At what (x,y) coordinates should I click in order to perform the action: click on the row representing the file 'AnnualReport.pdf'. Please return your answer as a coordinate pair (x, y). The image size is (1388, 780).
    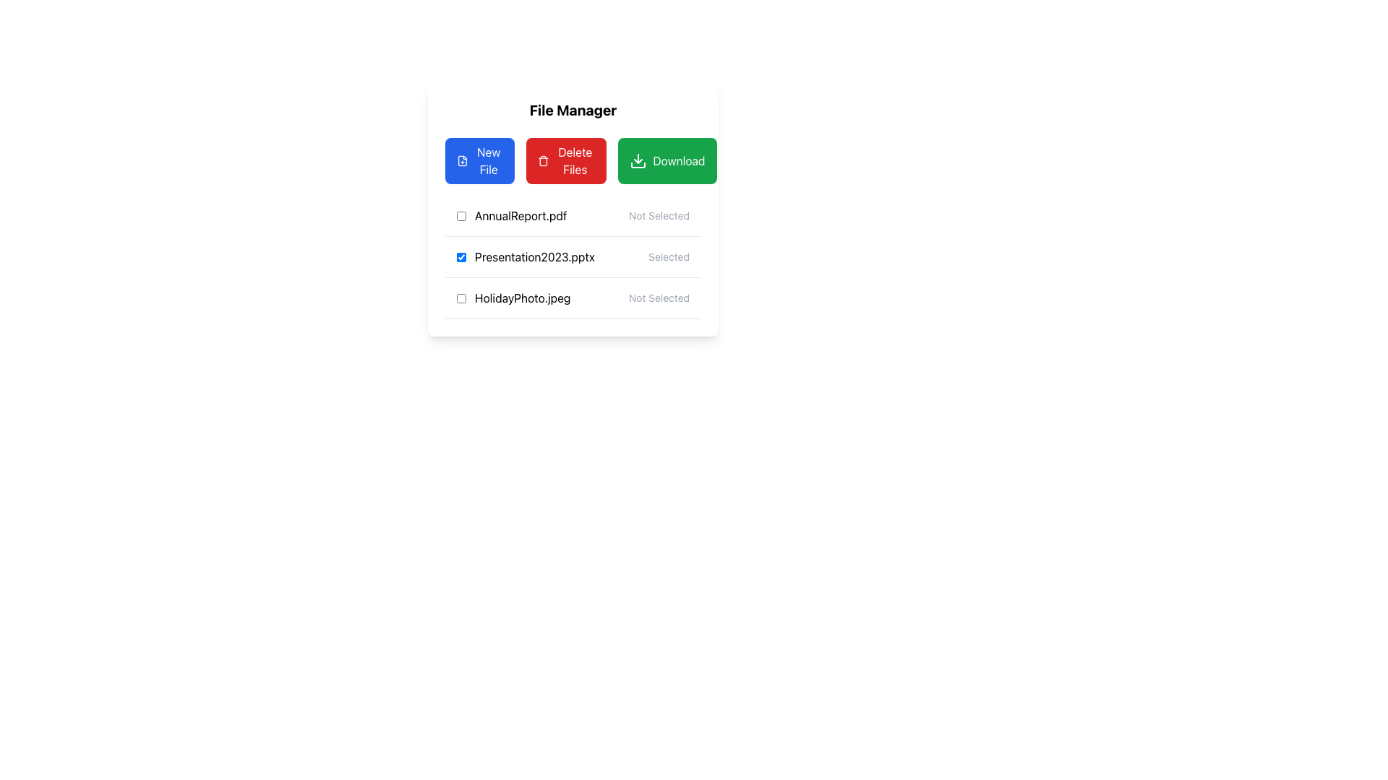
    Looking at the image, I should click on (572, 216).